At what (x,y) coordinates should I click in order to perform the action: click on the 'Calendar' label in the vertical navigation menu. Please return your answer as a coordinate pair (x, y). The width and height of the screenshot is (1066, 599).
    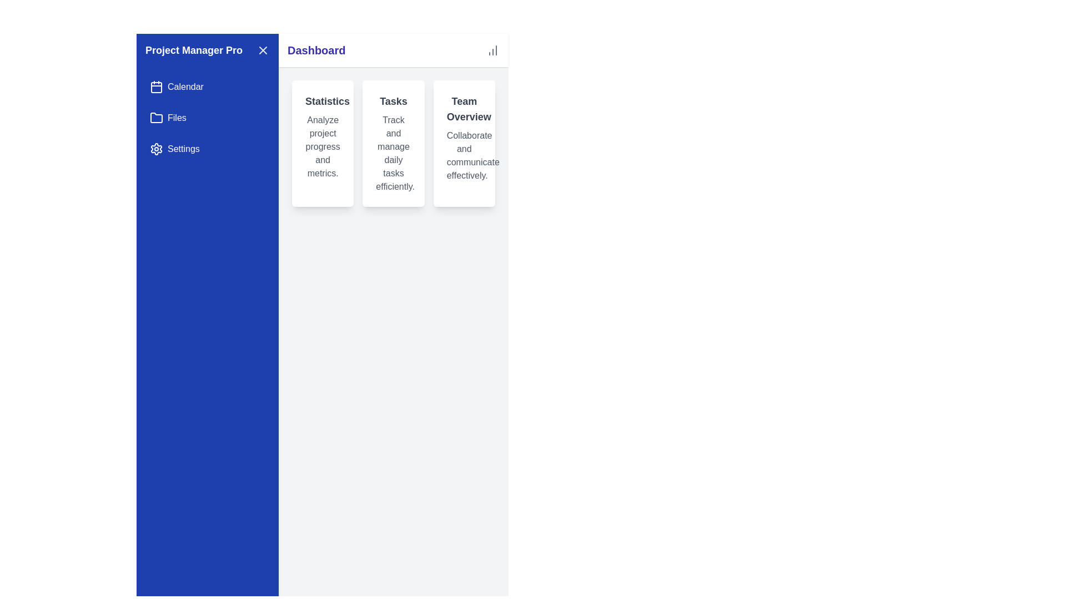
    Looking at the image, I should click on (185, 87).